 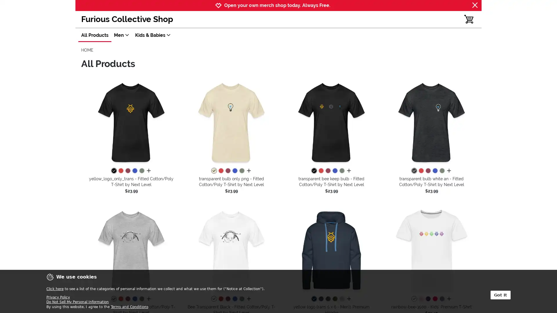 What do you see at coordinates (341, 299) in the screenshot?
I see `heather grey` at bounding box center [341, 299].